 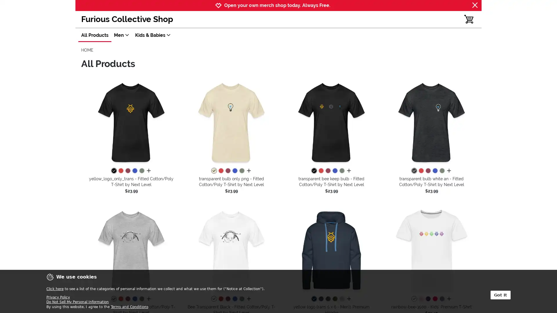 What do you see at coordinates (341, 299) in the screenshot?
I see `heather grey` at bounding box center [341, 299].